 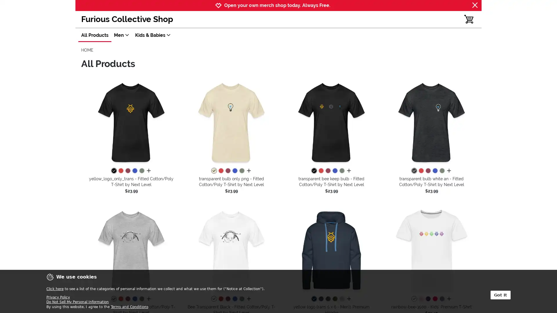 What do you see at coordinates (341, 299) in the screenshot?
I see `heather grey` at bounding box center [341, 299].